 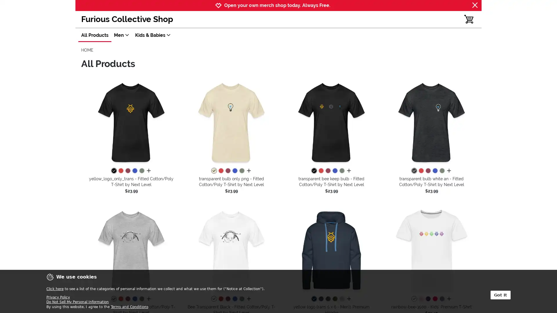 What do you see at coordinates (341, 299) in the screenshot?
I see `heather grey` at bounding box center [341, 299].